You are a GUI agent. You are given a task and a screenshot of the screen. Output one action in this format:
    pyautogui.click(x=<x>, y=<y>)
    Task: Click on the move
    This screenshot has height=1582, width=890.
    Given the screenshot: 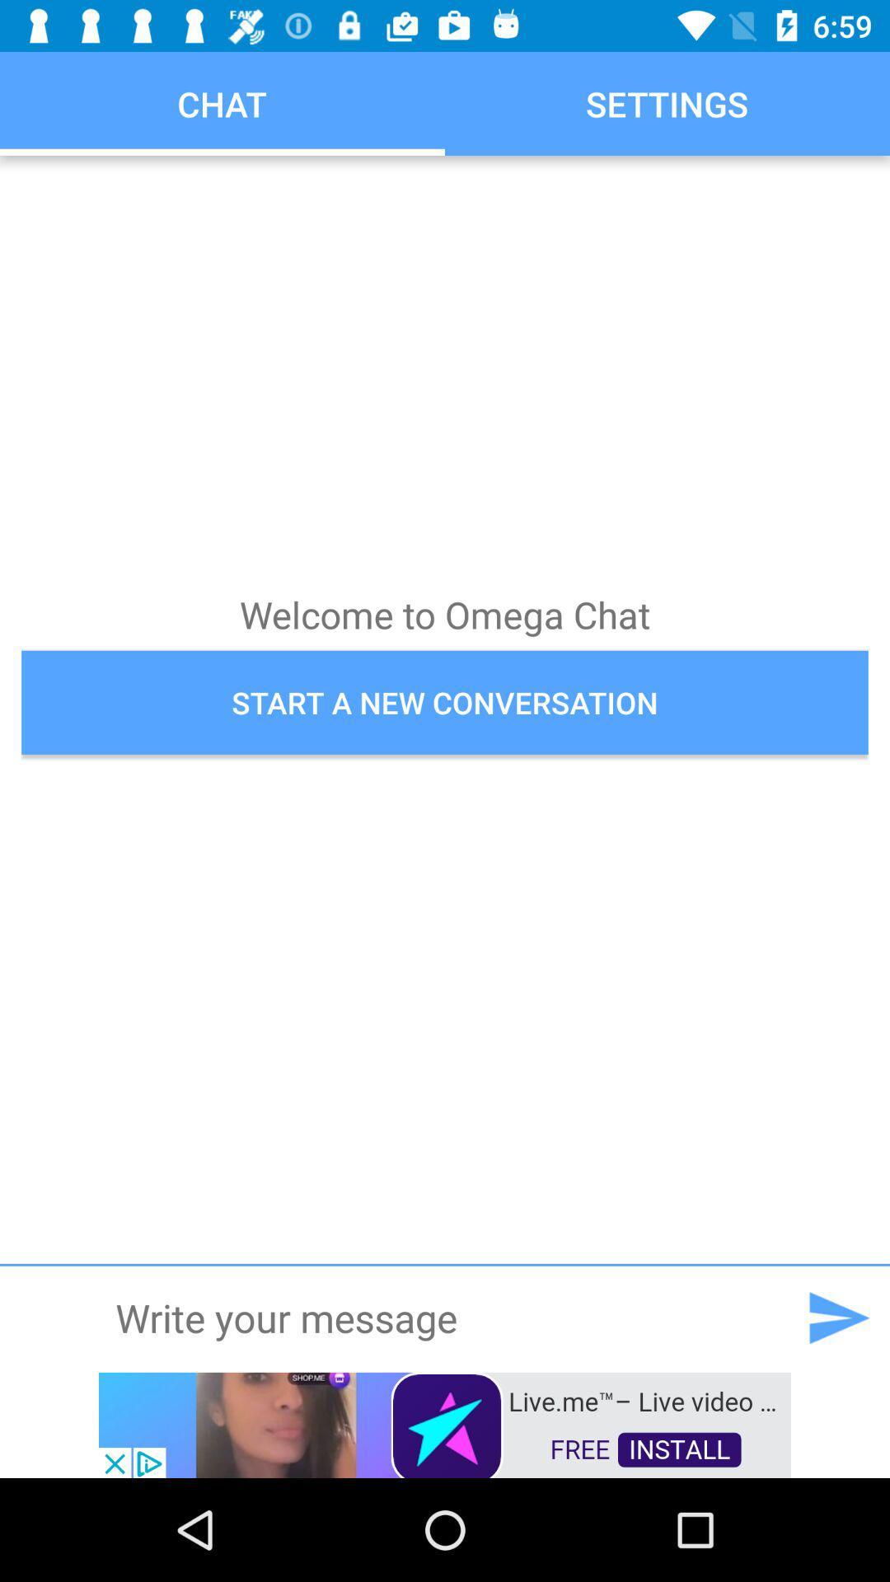 What is the action you would take?
    pyautogui.click(x=838, y=1317)
    